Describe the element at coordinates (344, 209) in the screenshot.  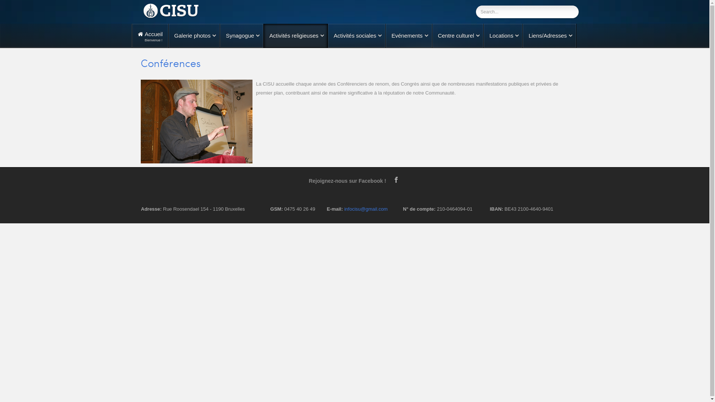
I see `'infocisu@gmail.com'` at that location.